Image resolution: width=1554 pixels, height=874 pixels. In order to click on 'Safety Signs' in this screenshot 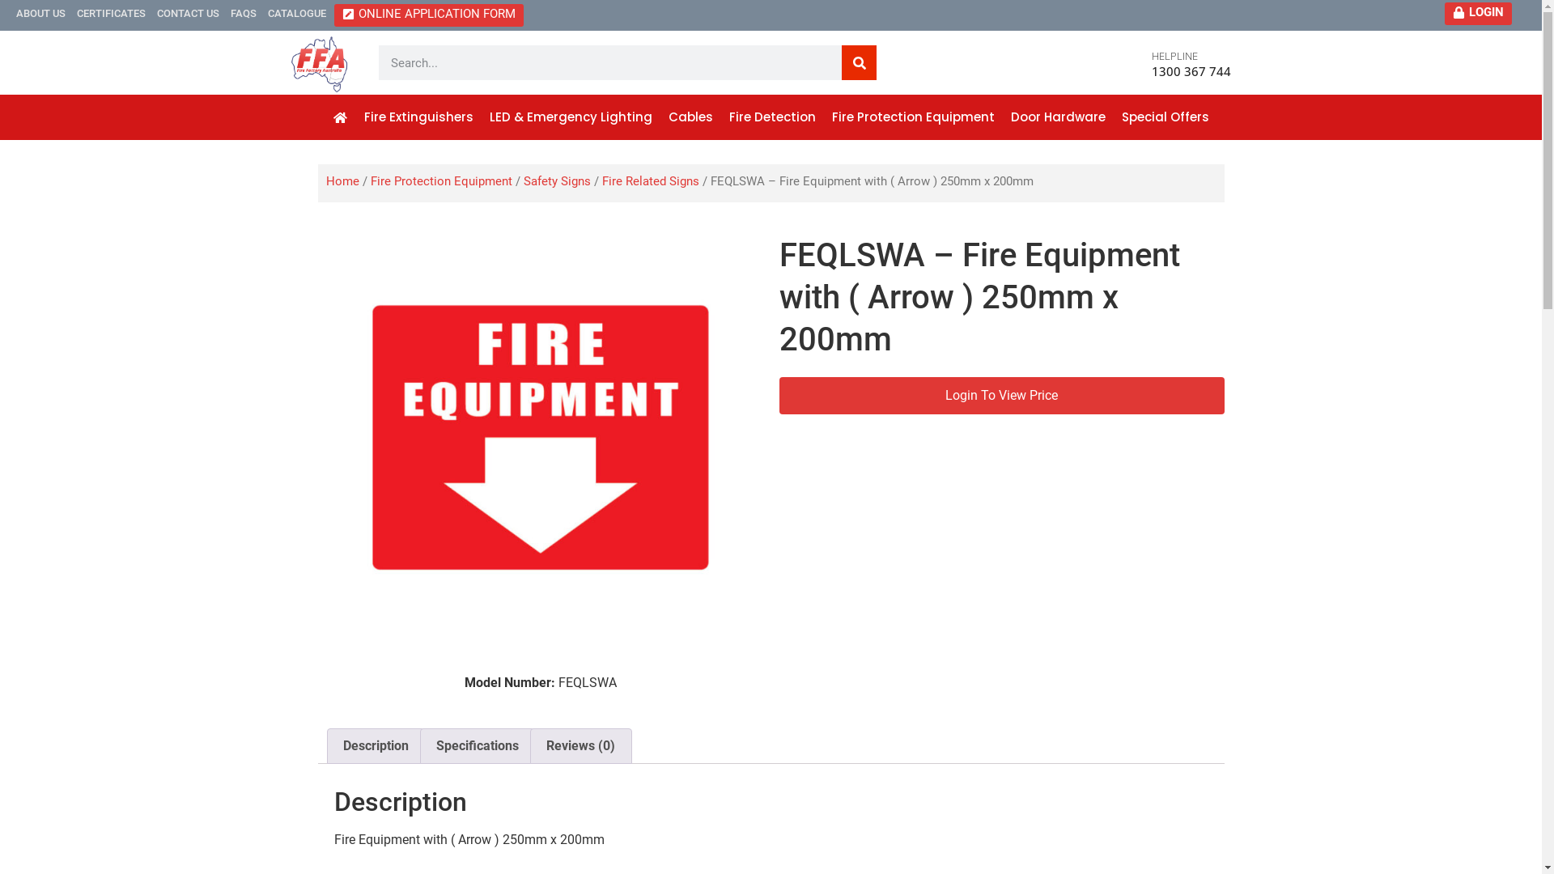, I will do `click(556, 180)`.